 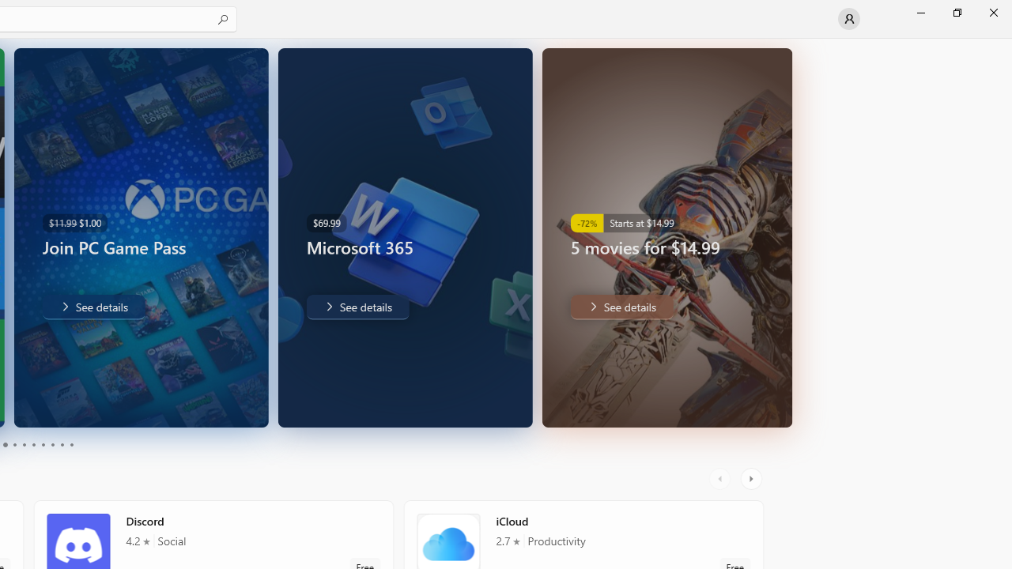 I want to click on 'AutomationID: LeftScrollButton', so click(x=721, y=478).